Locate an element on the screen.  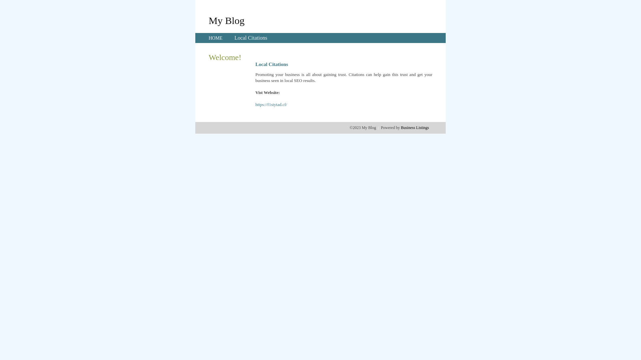
'HOME' is located at coordinates (215, 38).